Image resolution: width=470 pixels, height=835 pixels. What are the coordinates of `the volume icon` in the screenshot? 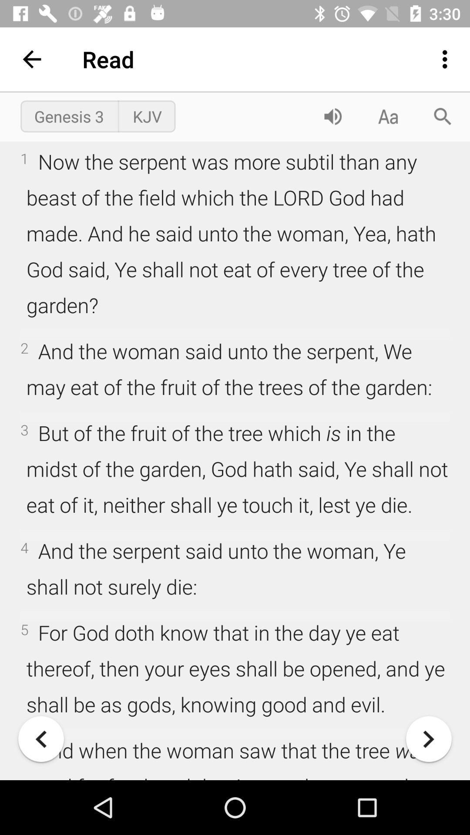 It's located at (332, 116).